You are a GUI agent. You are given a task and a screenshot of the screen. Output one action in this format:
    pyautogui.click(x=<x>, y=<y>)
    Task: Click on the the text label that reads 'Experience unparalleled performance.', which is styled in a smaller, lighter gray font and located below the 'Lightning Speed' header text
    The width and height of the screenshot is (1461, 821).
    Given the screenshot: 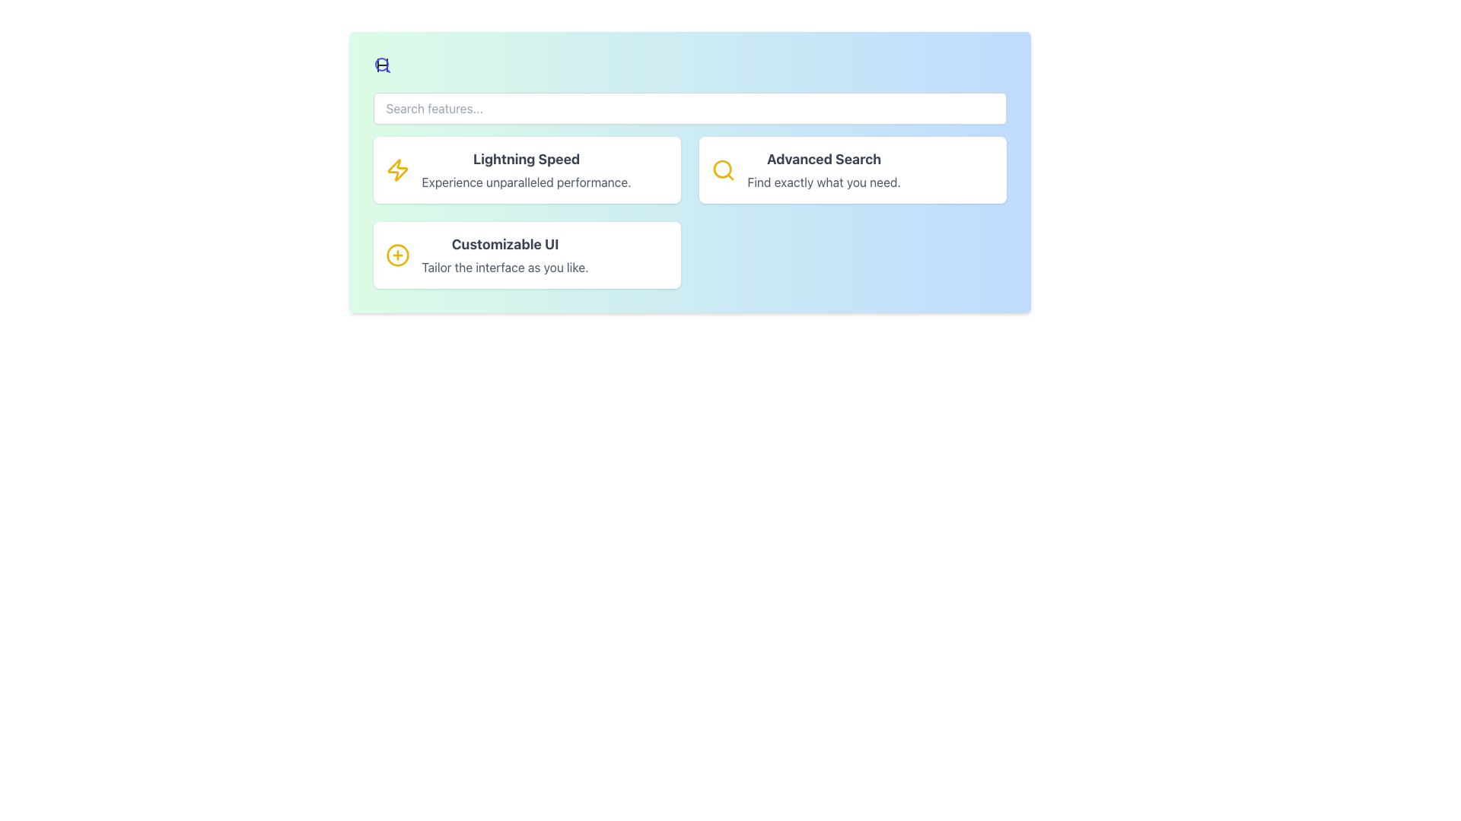 What is the action you would take?
    pyautogui.click(x=527, y=181)
    